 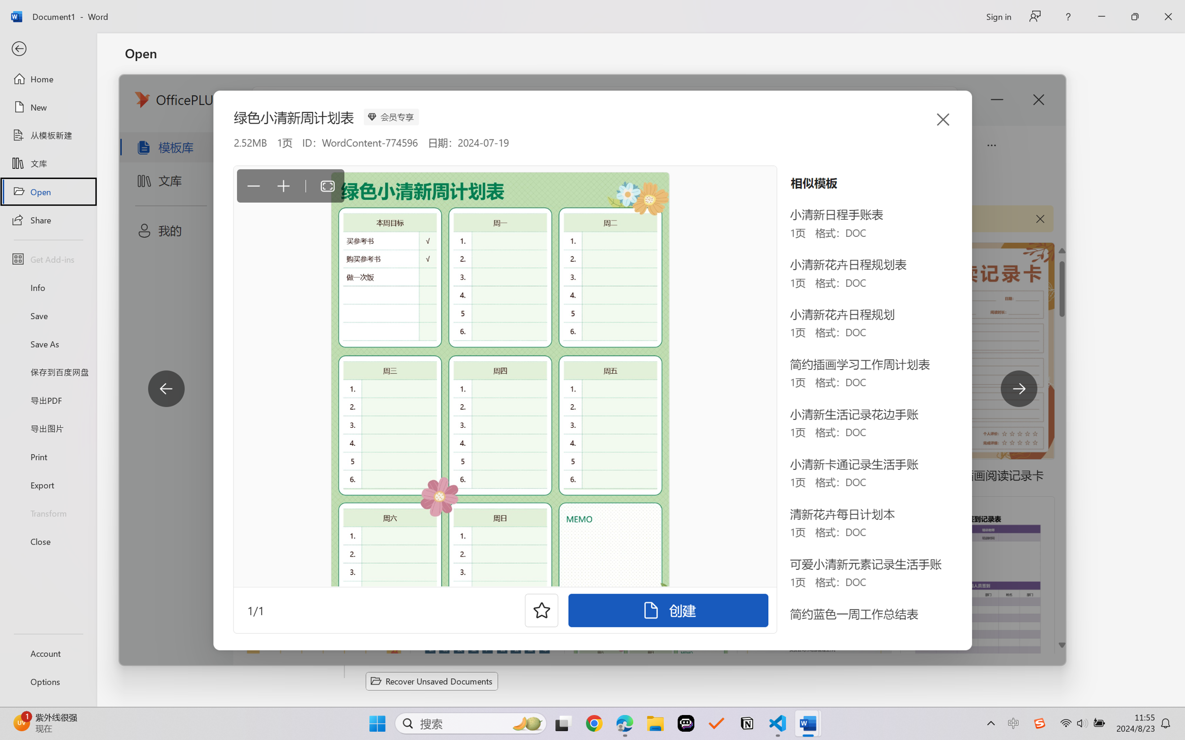 I want to click on 'Sign in', so click(x=997, y=16).